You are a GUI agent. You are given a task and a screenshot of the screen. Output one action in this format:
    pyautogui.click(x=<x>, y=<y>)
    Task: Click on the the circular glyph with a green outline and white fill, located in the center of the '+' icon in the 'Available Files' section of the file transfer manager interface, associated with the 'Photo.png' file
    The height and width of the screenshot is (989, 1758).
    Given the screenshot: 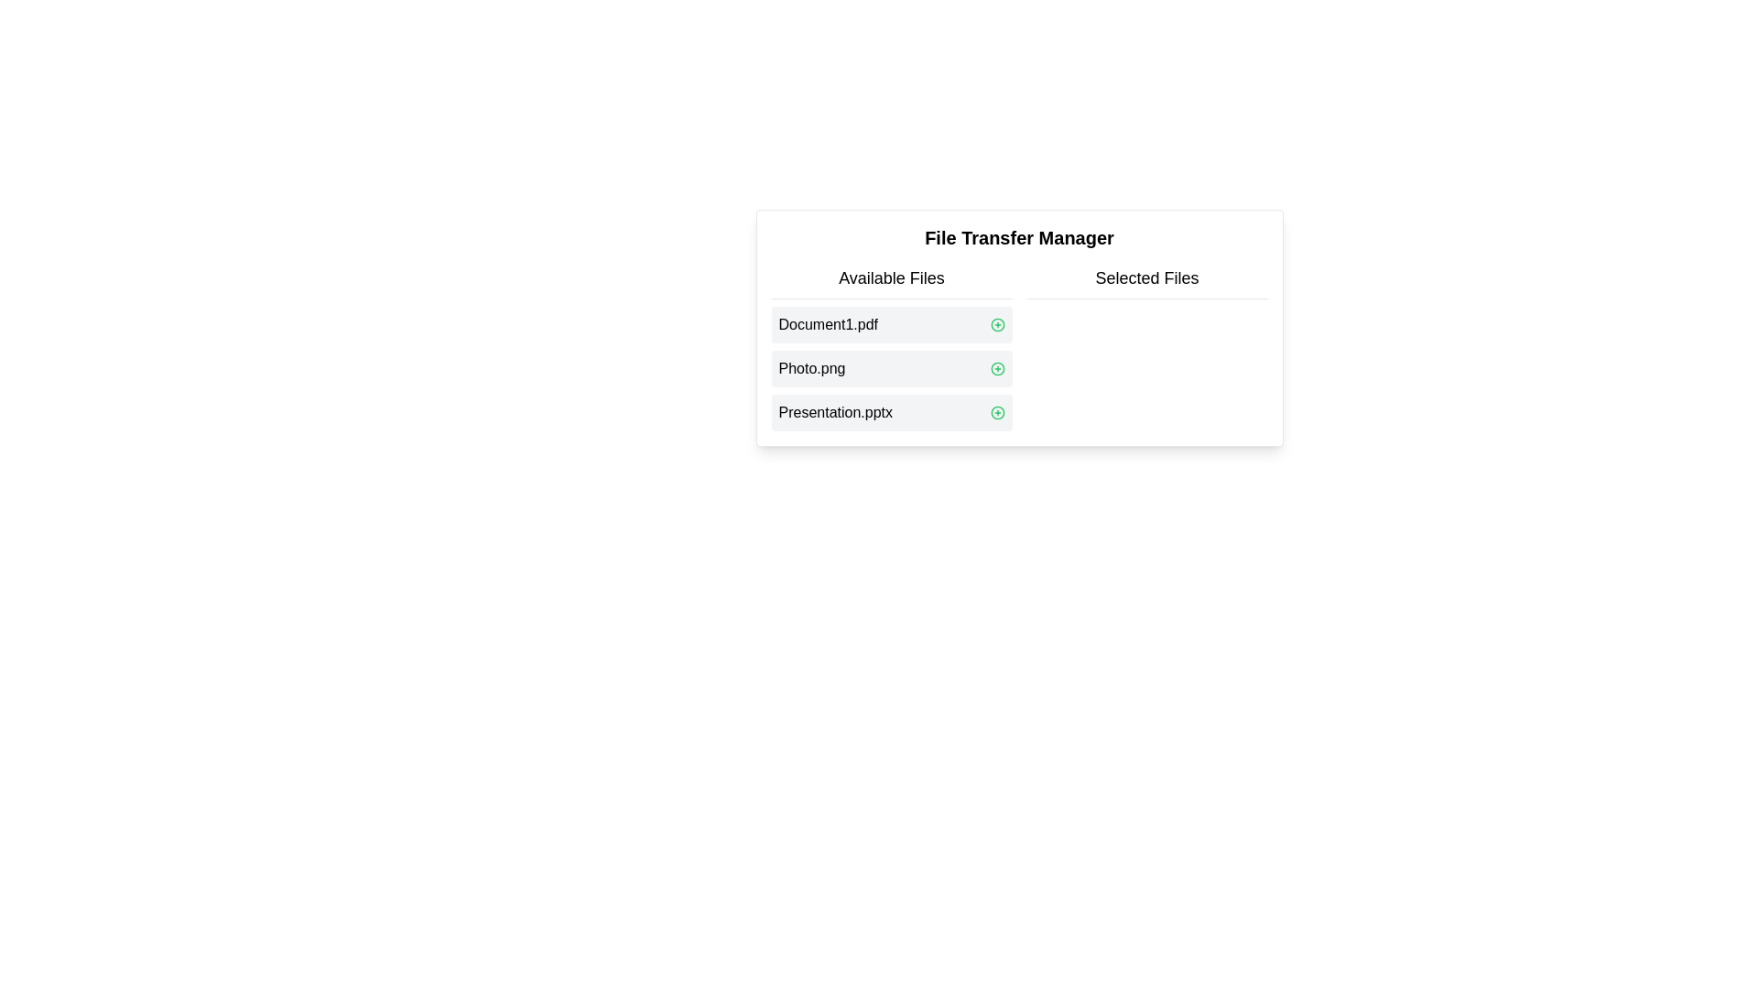 What is the action you would take?
    pyautogui.click(x=996, y=323)
    